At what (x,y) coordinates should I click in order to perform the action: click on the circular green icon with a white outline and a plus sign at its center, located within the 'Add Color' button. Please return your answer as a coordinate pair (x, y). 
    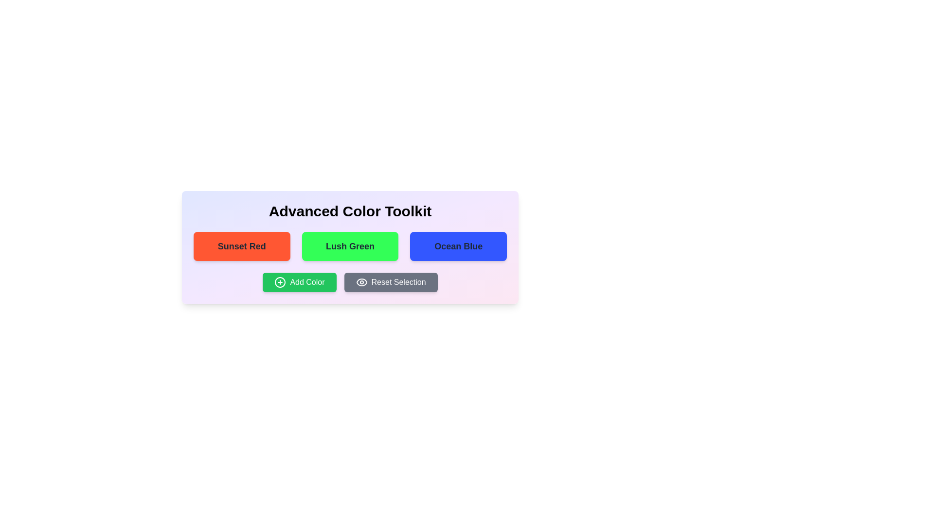
    Looking at the image, I should click on (280, 282).